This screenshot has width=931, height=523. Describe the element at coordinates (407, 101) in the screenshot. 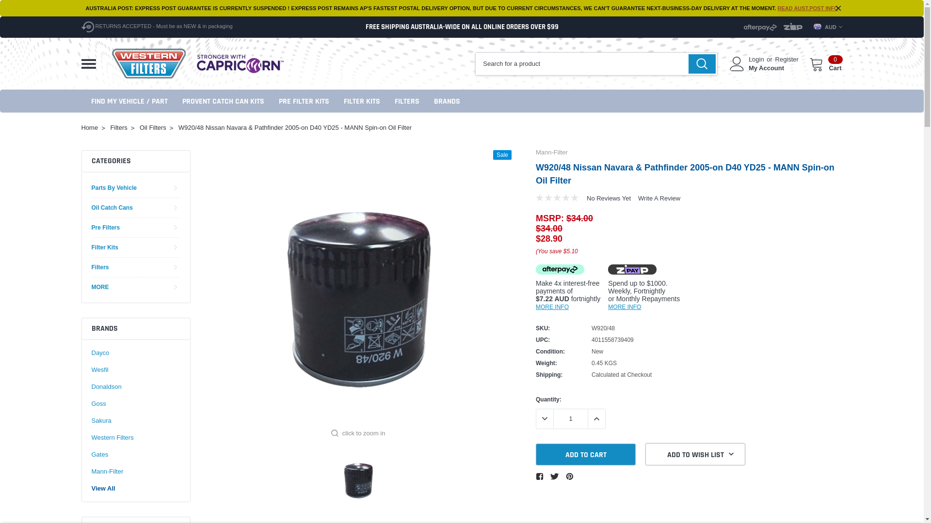

I see `'FILTERS'` at that location.